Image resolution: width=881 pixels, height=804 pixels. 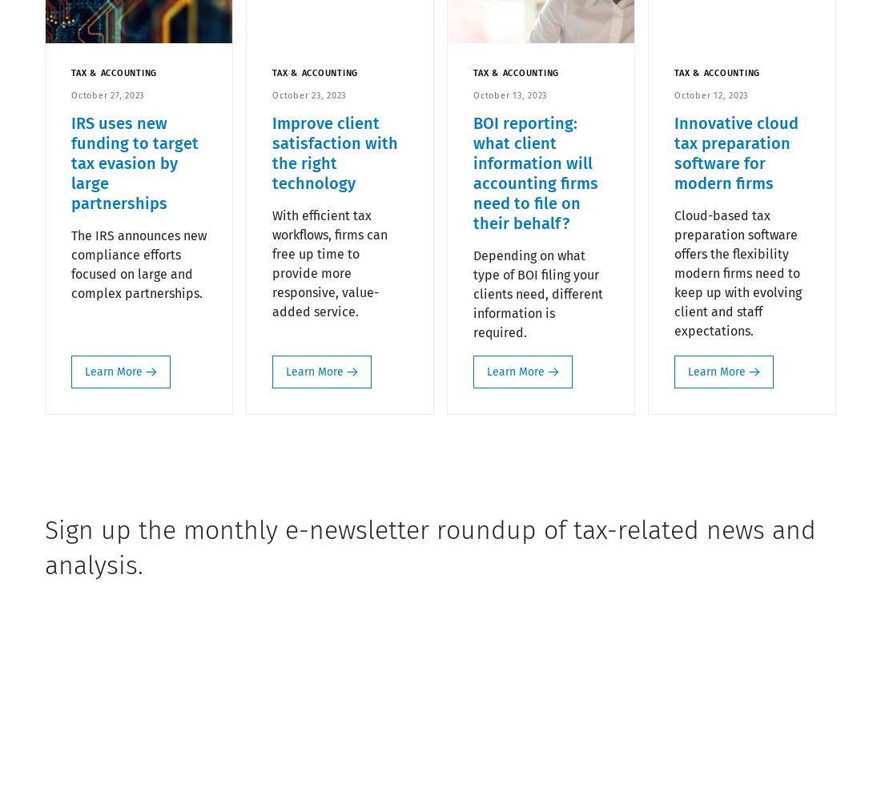 I want to click on 'October 27, 2023', so click(x=70, y=94).